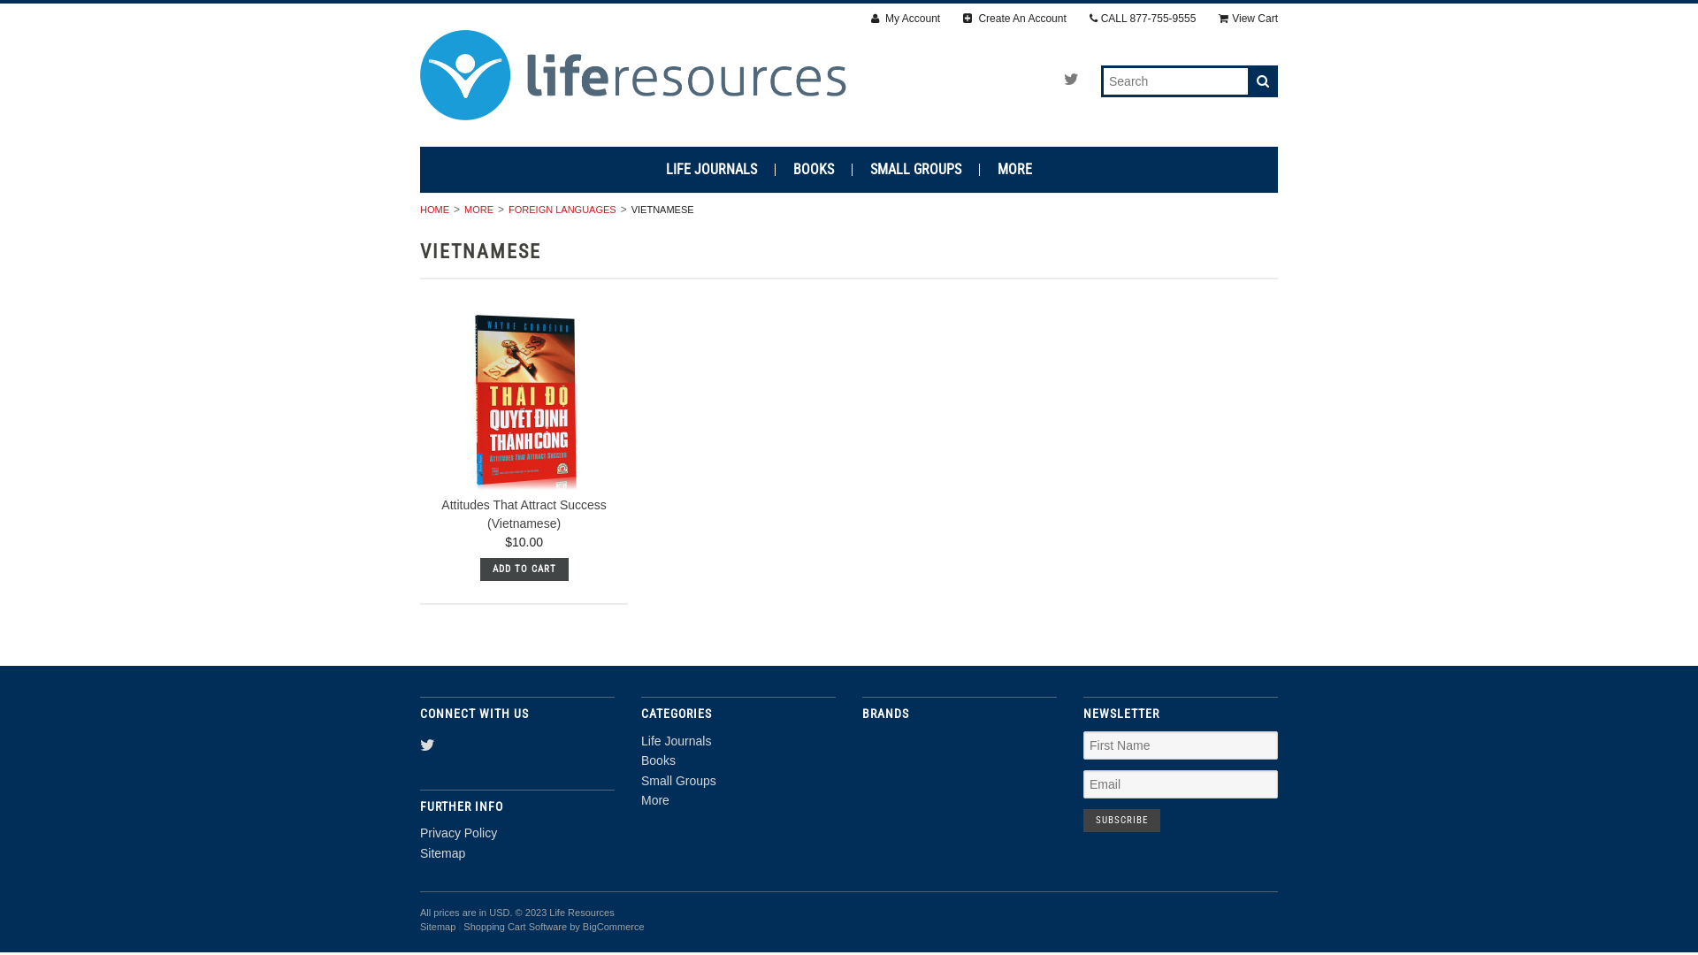 The image size is (1698, 955). What do you see at coordinates (675, 740) in the screenshot?
I see `'Life Journals'` at bounding box center [675, 740].